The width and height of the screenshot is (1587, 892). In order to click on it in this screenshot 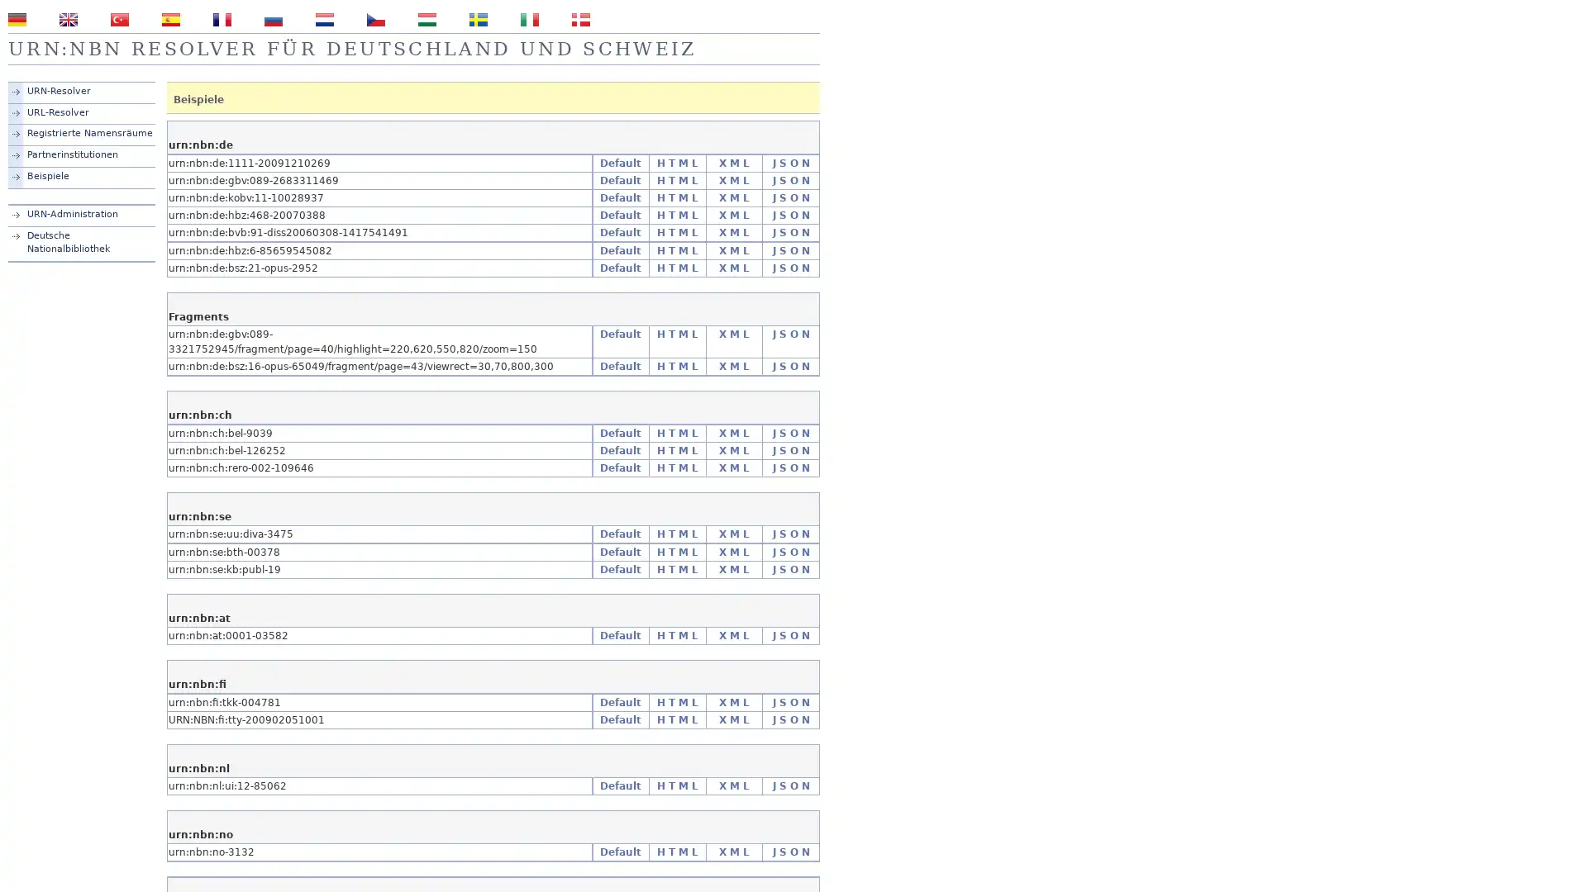, I will do `click(530, 19)`.